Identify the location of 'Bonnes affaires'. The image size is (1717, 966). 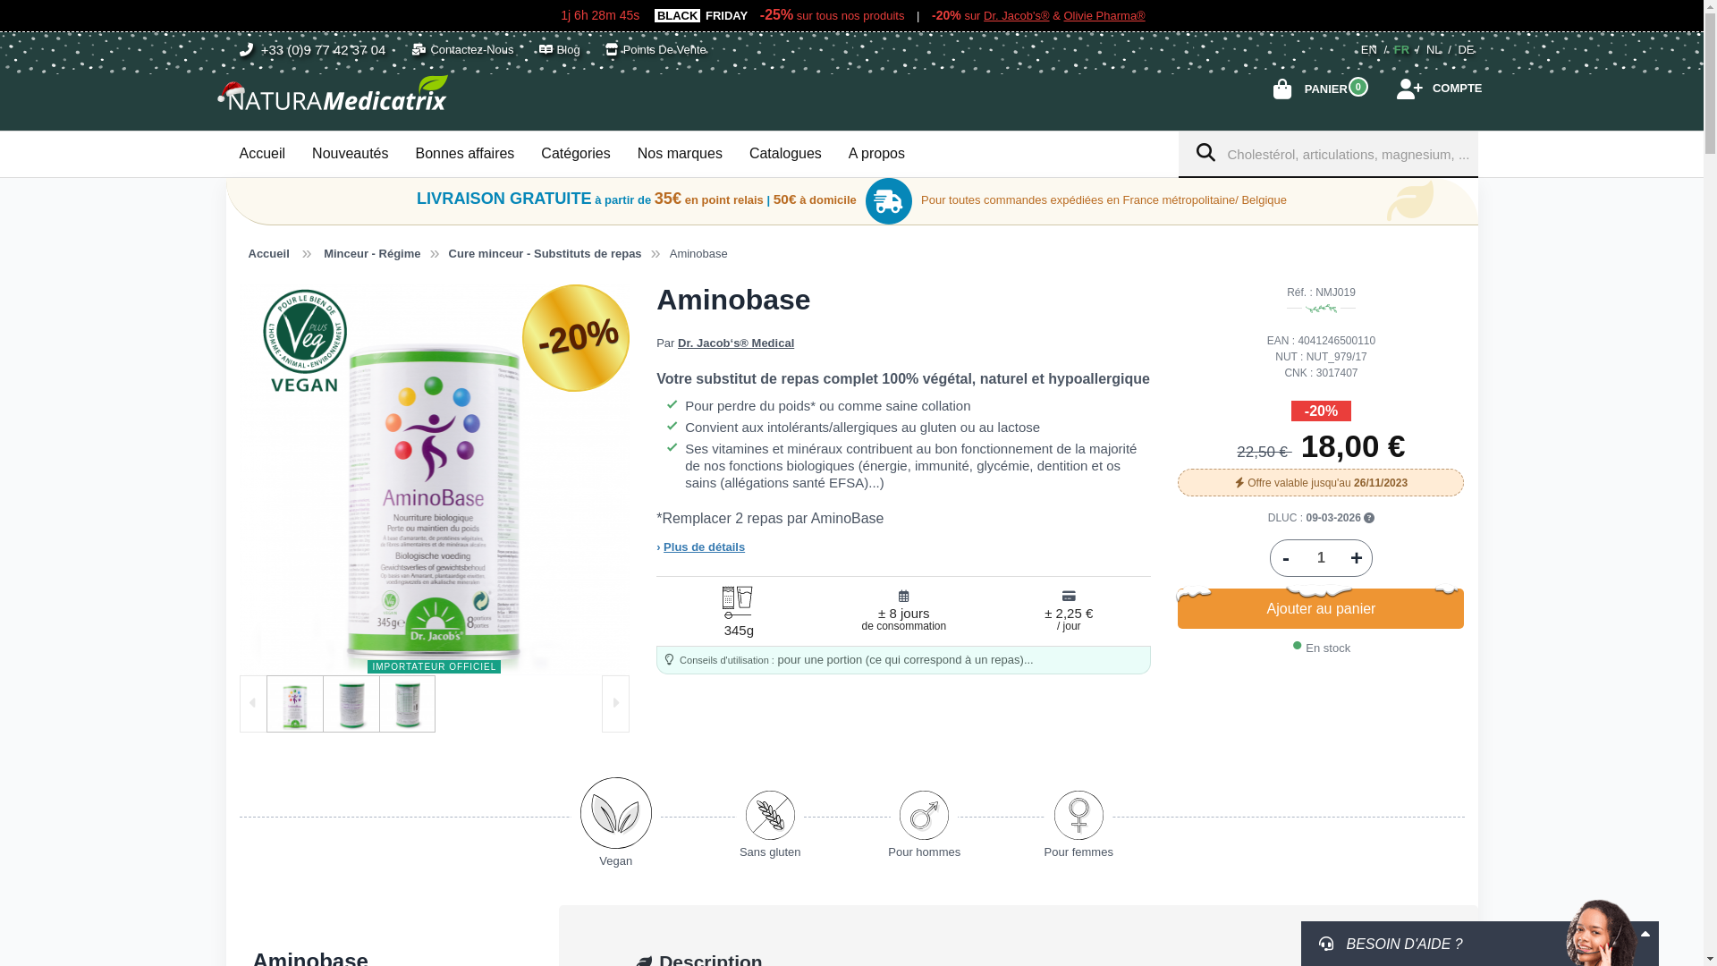
(464, 153).